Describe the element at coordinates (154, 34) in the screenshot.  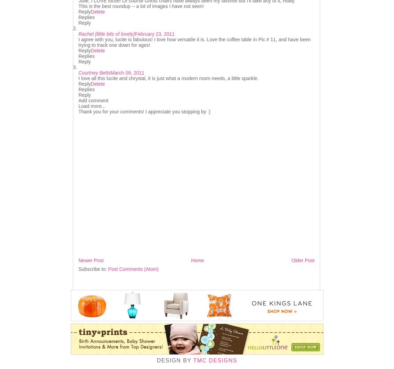
I see `'February 23, 2011'` at that location.